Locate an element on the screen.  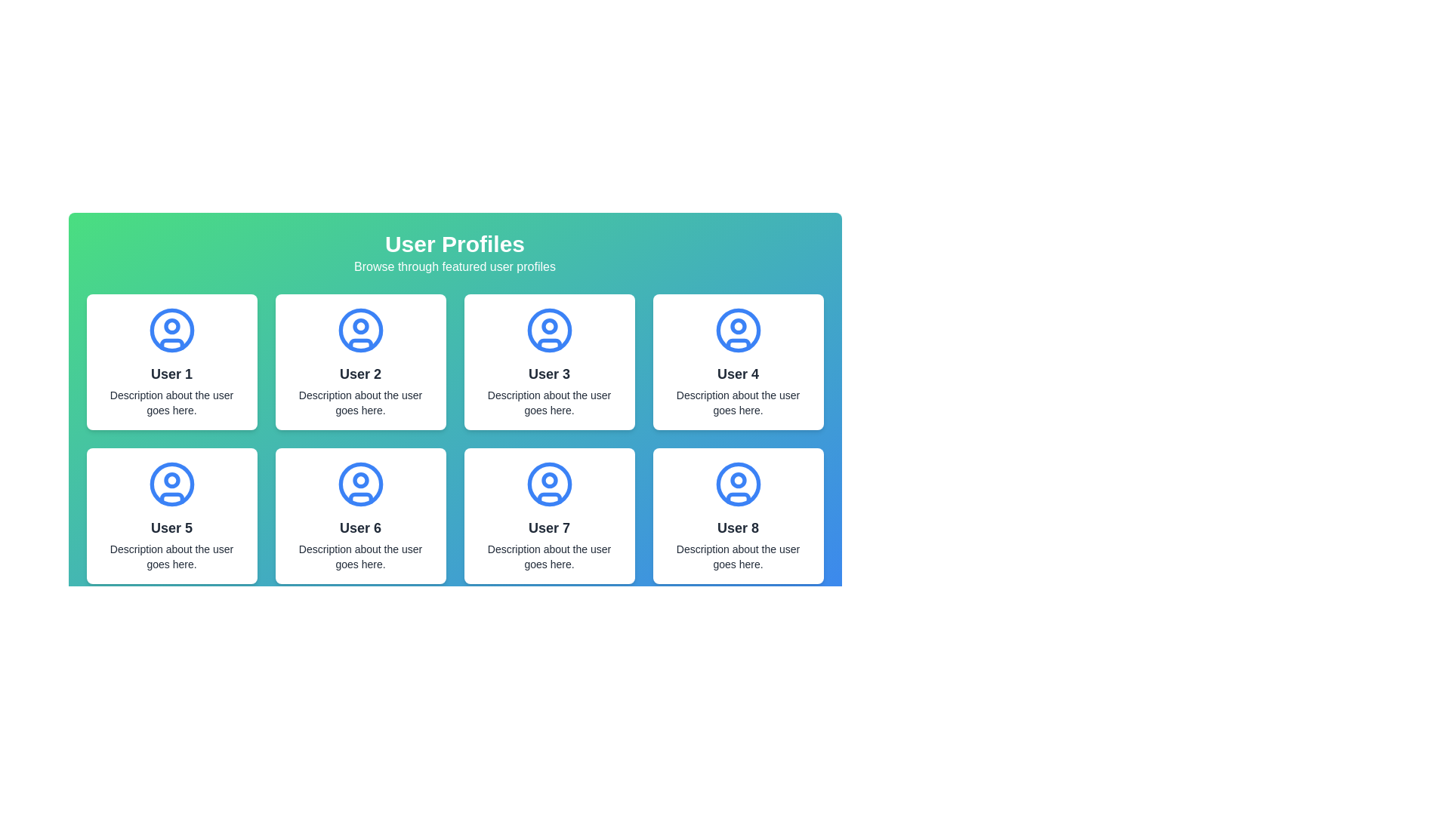
the decorative circle within the user profile icon of 'User 8' card, which represents the user's head in the illustration is located at coordinates (738, 480).